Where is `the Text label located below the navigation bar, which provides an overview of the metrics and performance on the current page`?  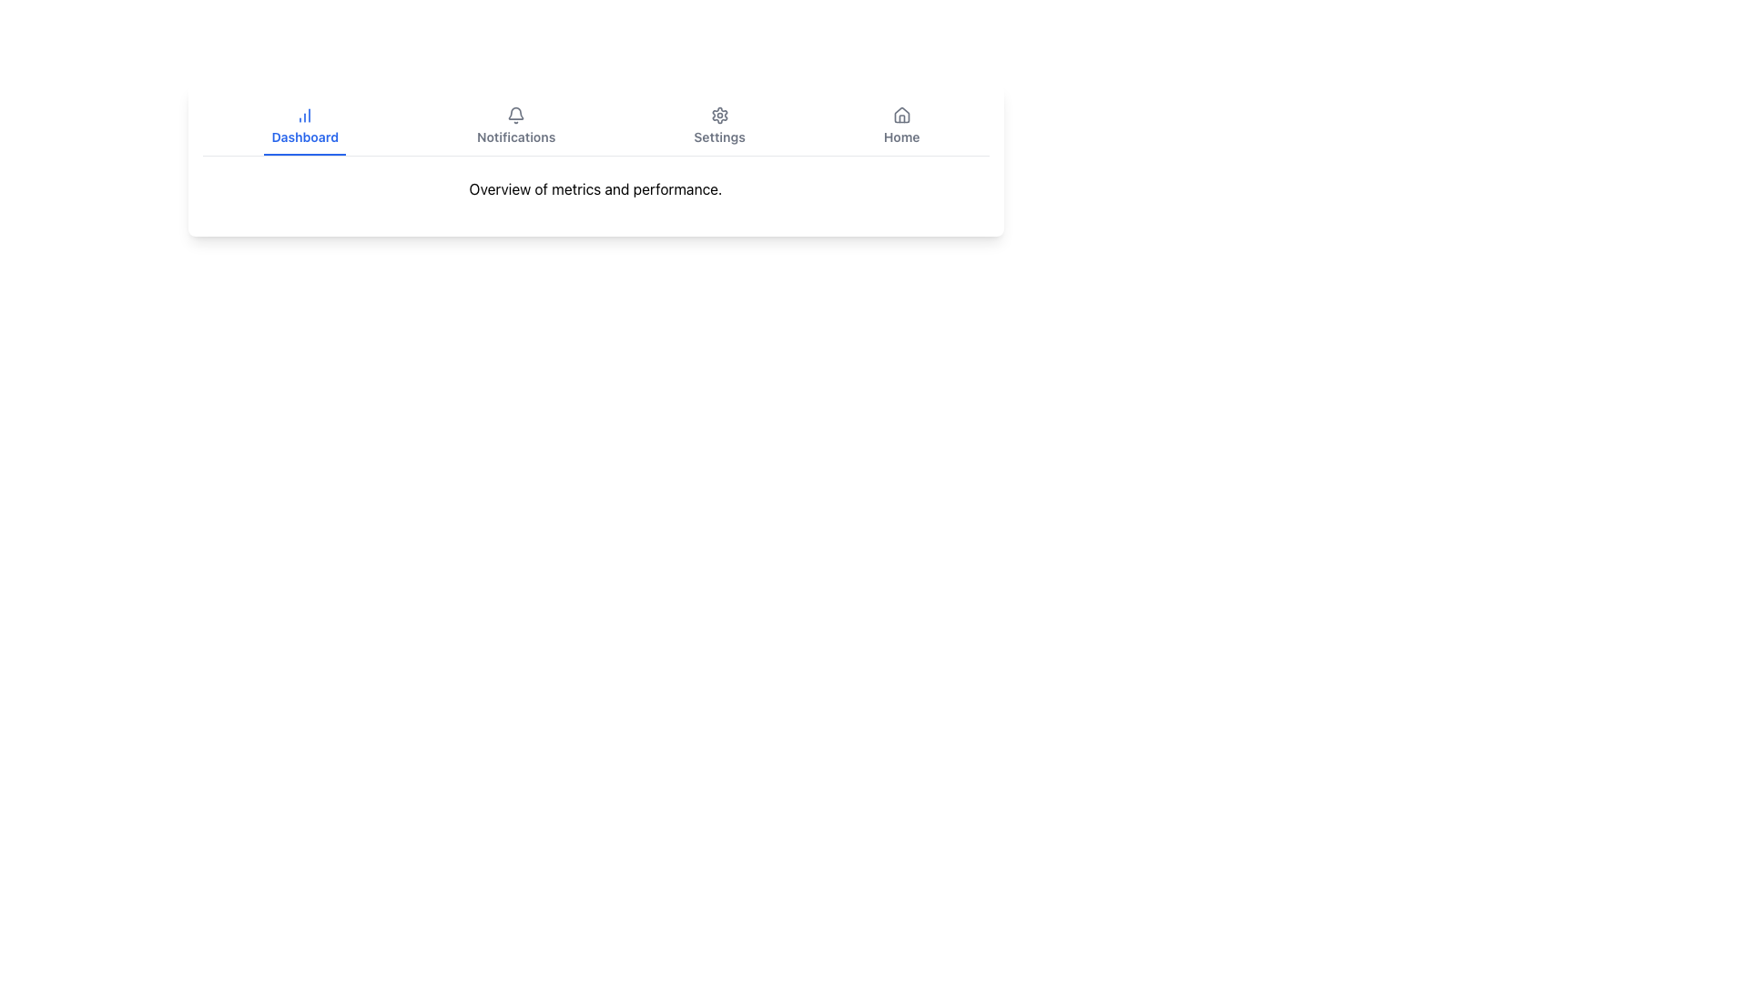
the Text label located below the navigation bar, which provides an overview of the metrics and performance on the current page is located at coordinates (595, 189).